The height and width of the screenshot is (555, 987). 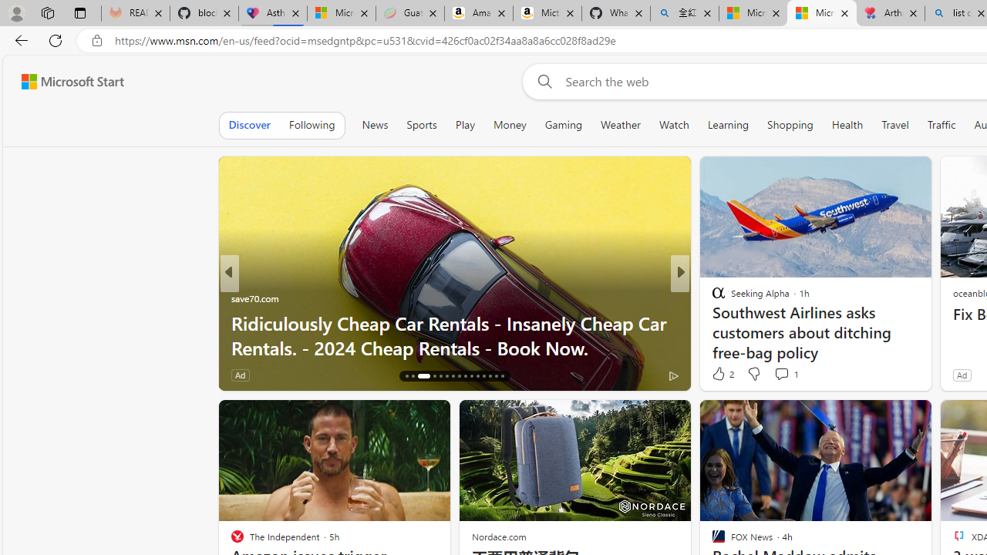 What do you see at coordinates (787, 375) in the screenshot?
I see `'View comments 20 Comment'` at bounding box center [787, 375].